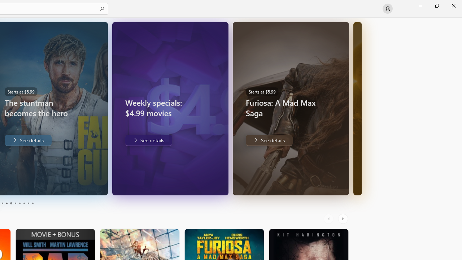 The height and width of the screenshot is (260, 462). What do you see at coordinates (28, 203) in the screenshot?
I see `'Page 9'` at bounding box center [28, 203].